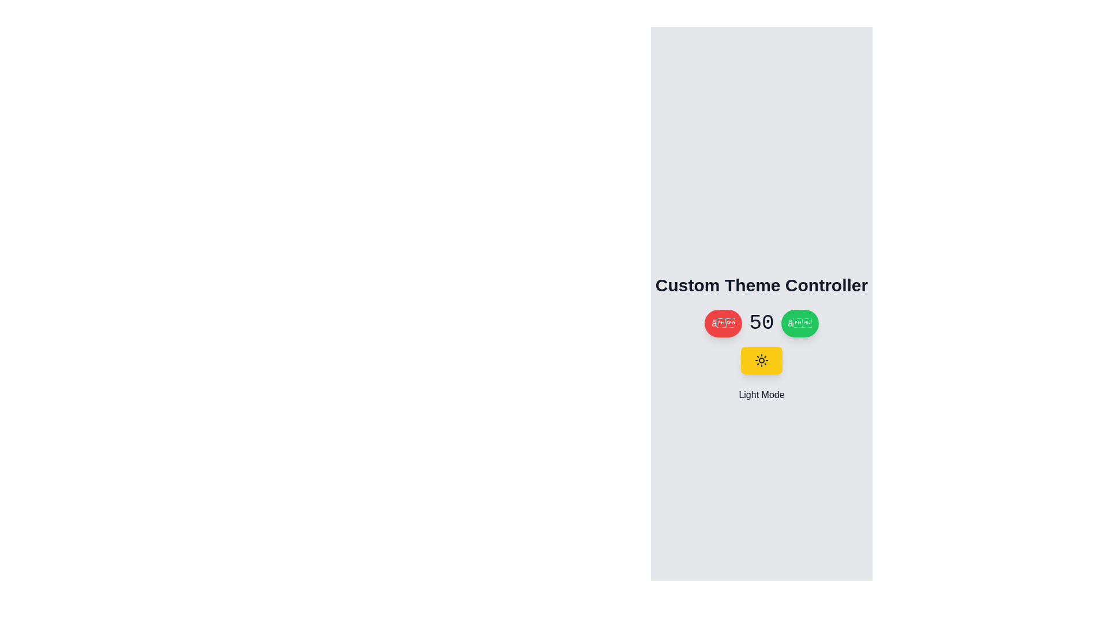  Describe the element at coordinates (762, 285) in the screenshot. I see `the 'Custom Theme Controller' text label, which is prominently displayed in bold and large font at the top of the visible controls section` at that location.